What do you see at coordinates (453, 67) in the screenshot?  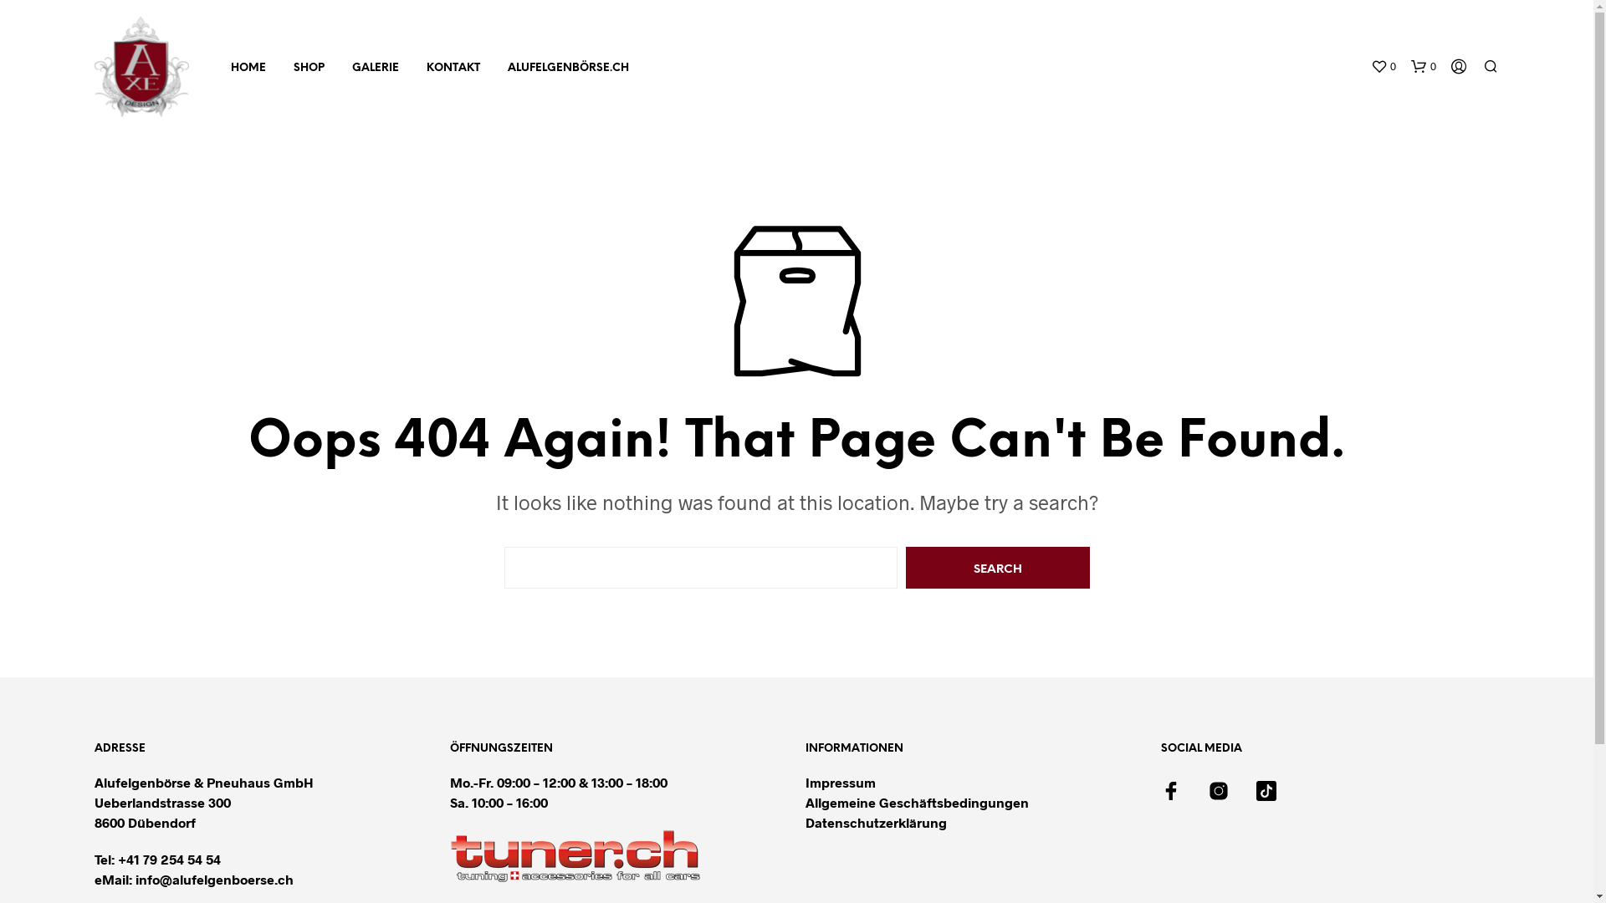 I see `'KONTAKT'` at bounding box center [453, 67].